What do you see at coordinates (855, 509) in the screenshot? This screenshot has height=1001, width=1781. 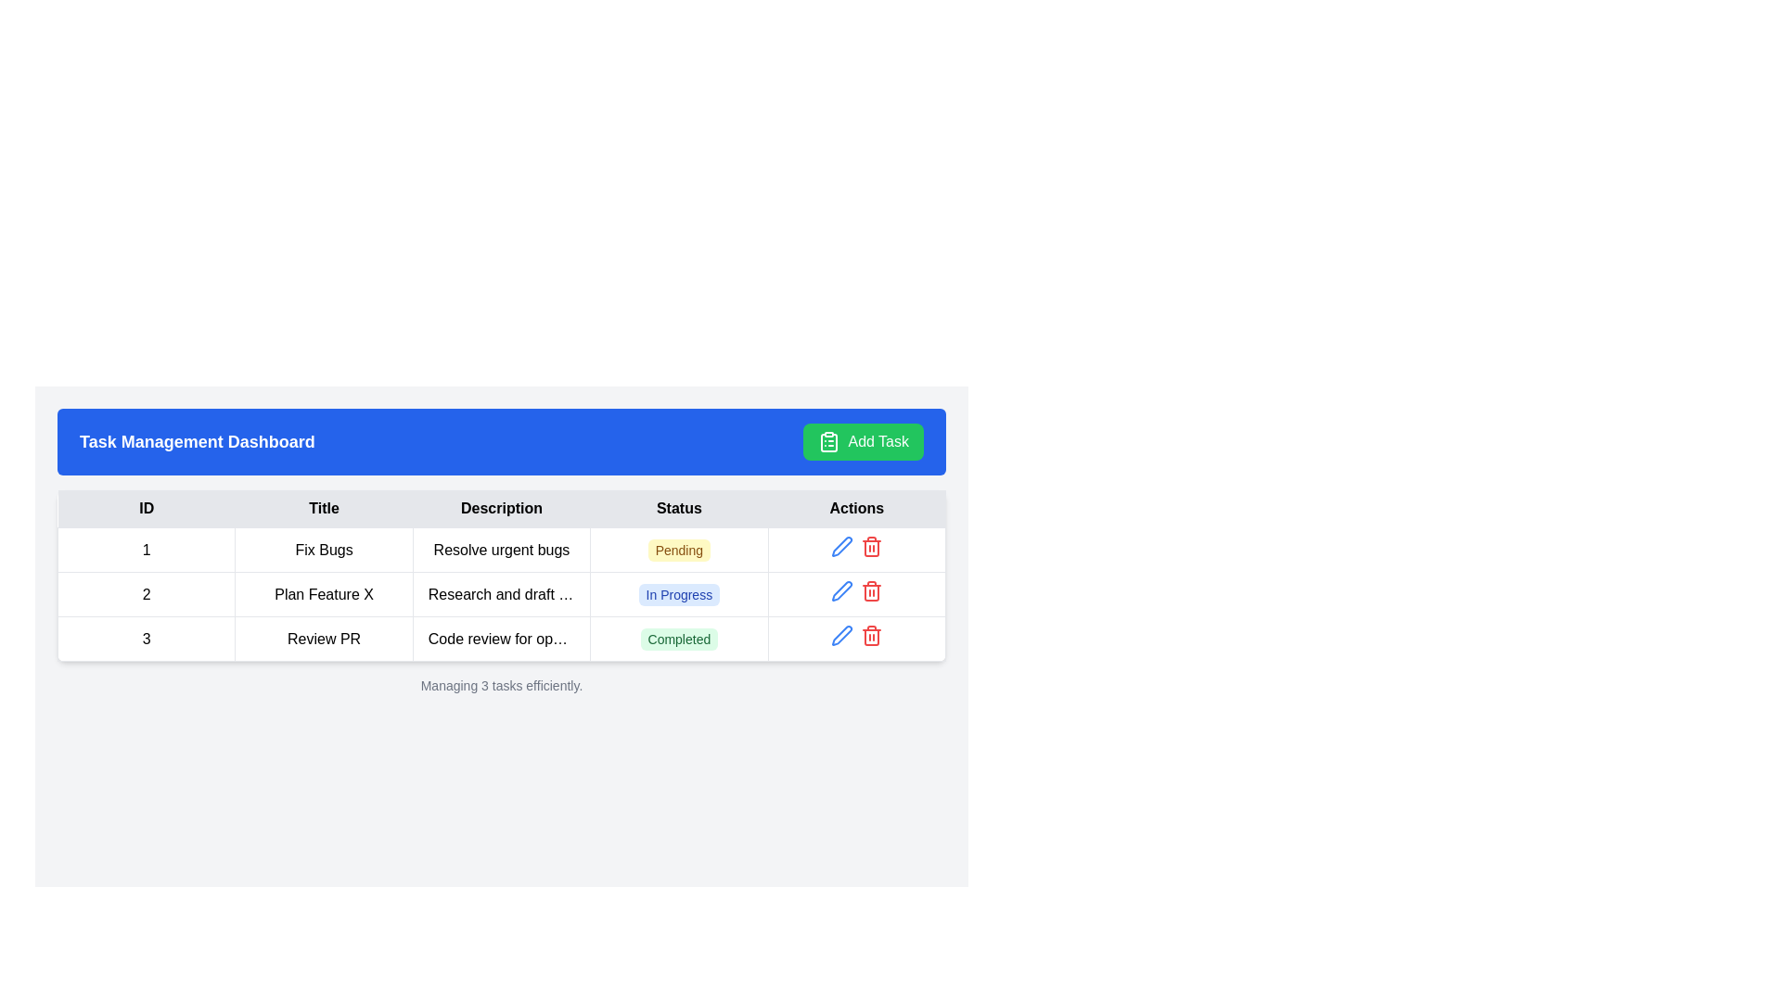 I see `the 'Actions' text label which serves as a column header for action items like editing or deleting entries in the table` at bounding box center [855, 509].